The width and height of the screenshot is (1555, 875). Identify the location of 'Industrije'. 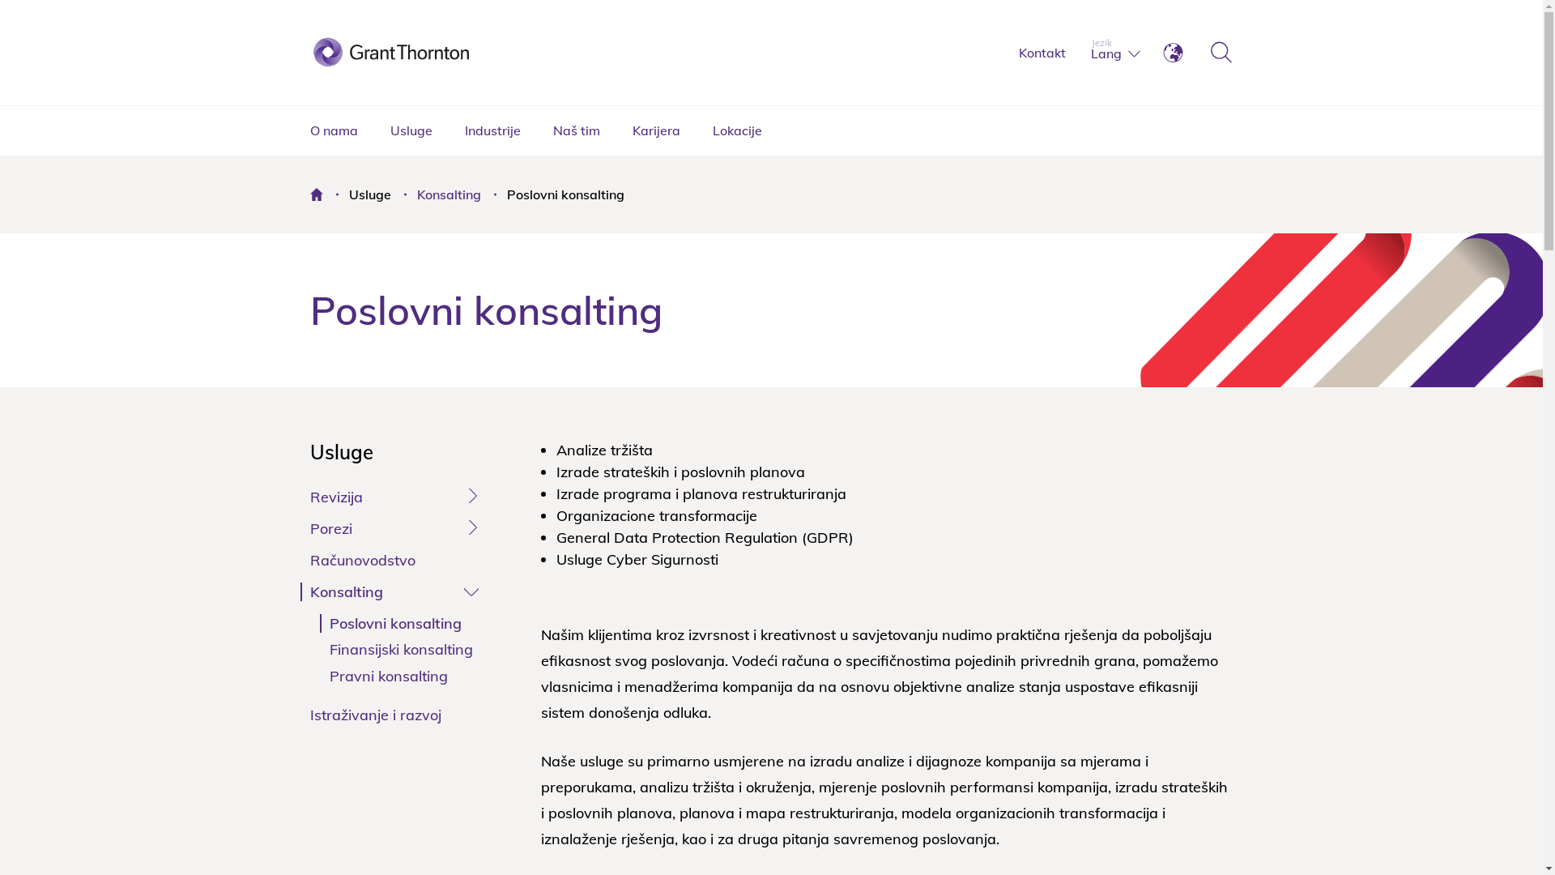
(492, 130).